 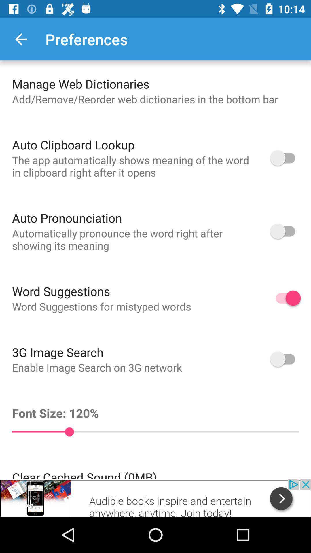 I want to click on advertisement, so click(x=155, y=497).